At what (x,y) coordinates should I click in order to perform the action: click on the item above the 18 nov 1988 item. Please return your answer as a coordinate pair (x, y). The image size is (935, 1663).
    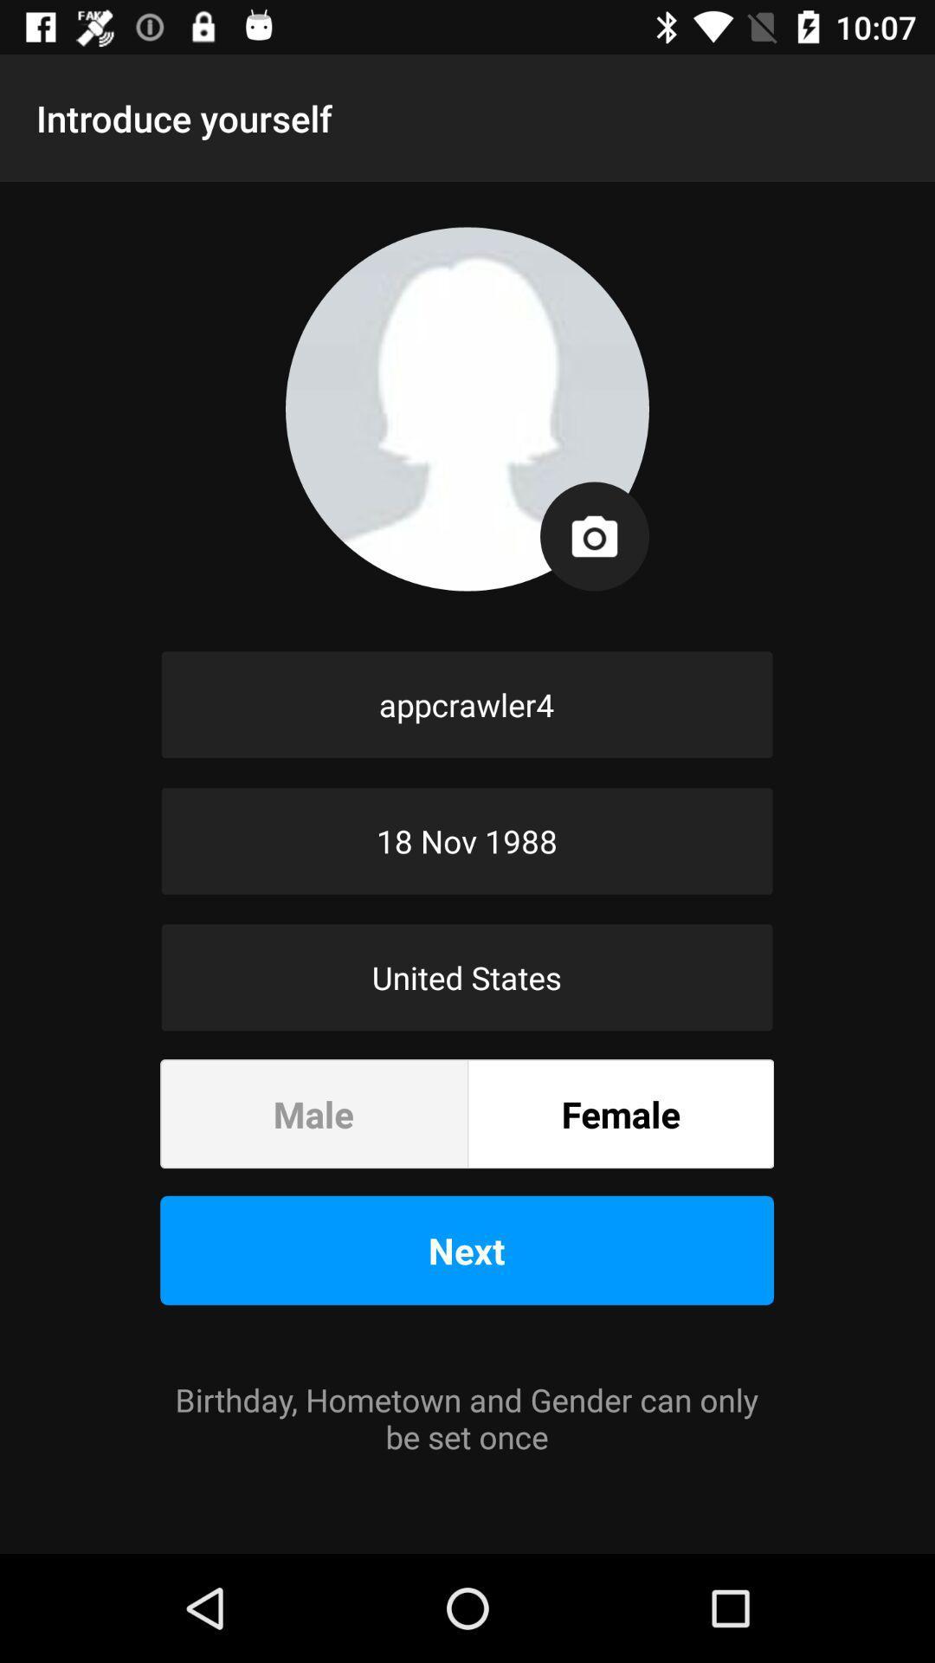
    Looking at the image, I should click on (466, 704).